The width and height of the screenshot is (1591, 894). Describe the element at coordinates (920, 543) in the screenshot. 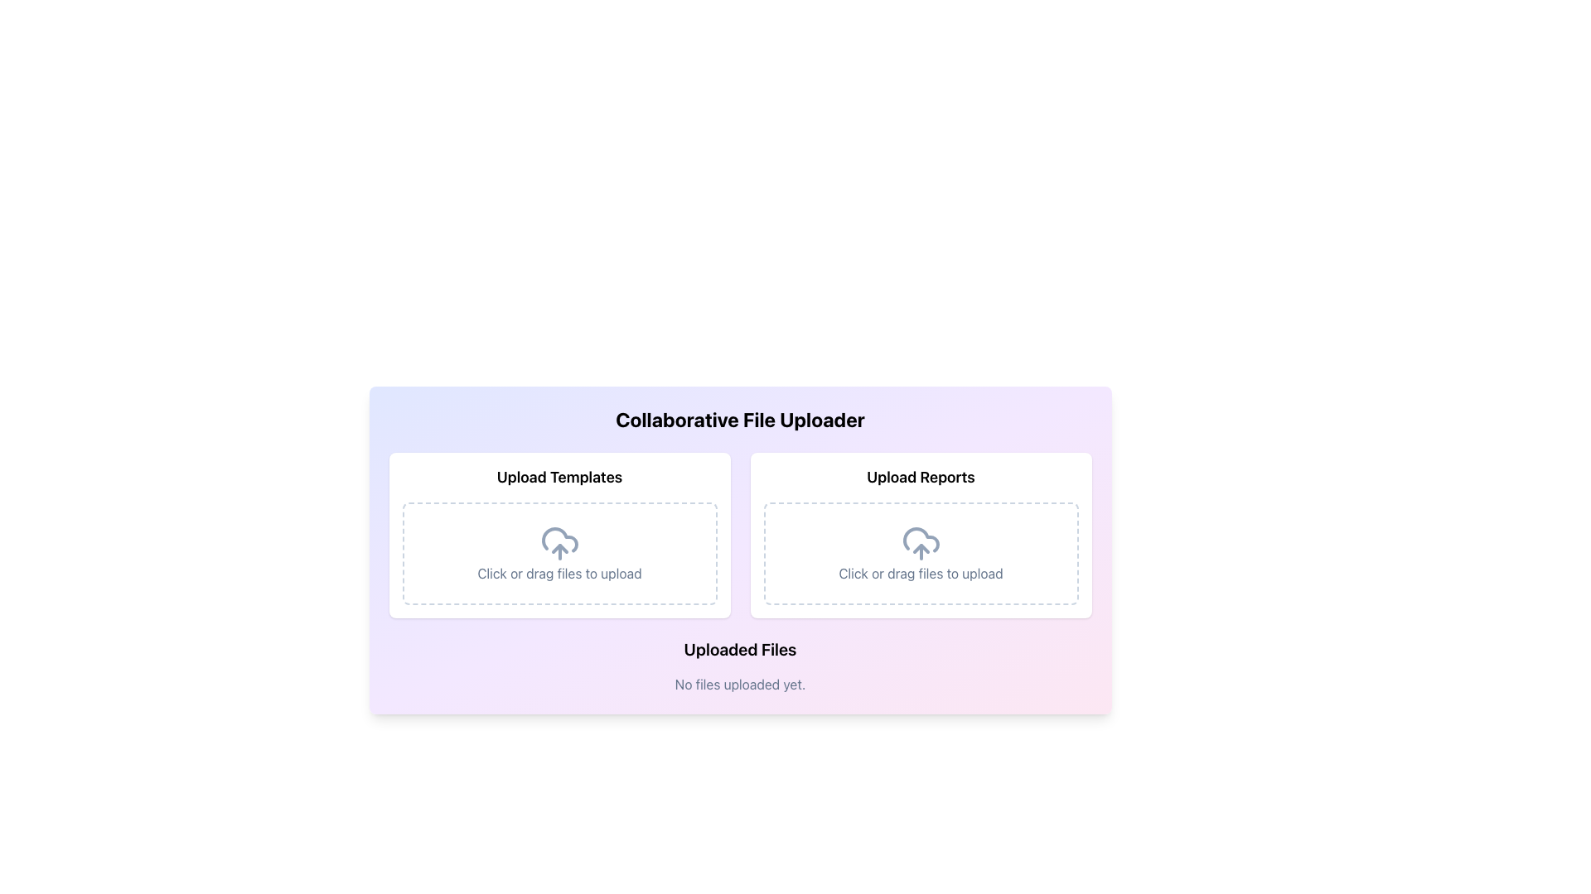

I see `the decorative upload icon, which is a cloud with an upward-pointing arrow, located in the 'Upload Reports' section of the file uploader interface` at that location.